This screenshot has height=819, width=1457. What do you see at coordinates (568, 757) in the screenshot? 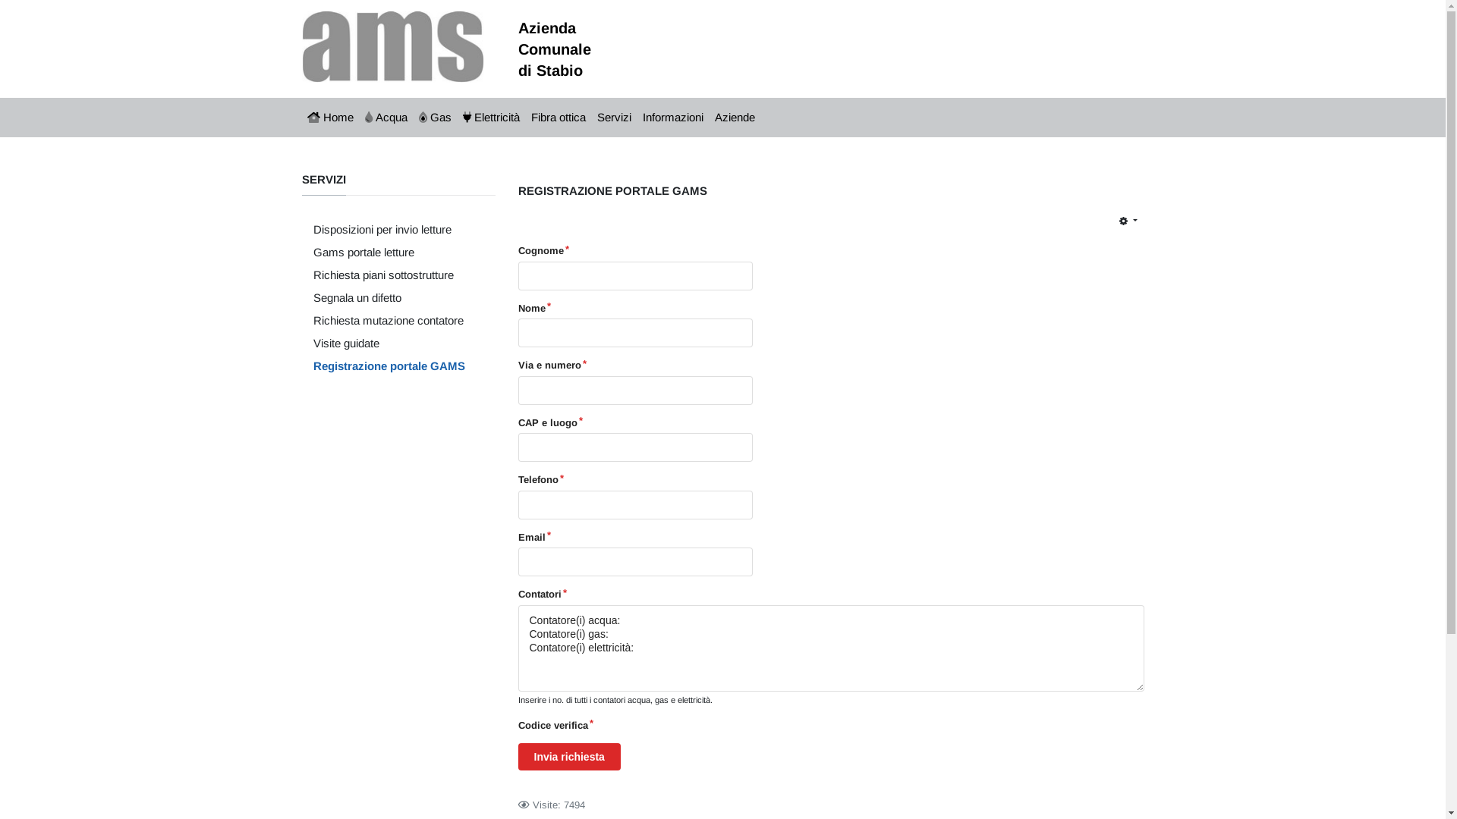
I see `'Invia richiesta'` at bounding box center [568, 757].